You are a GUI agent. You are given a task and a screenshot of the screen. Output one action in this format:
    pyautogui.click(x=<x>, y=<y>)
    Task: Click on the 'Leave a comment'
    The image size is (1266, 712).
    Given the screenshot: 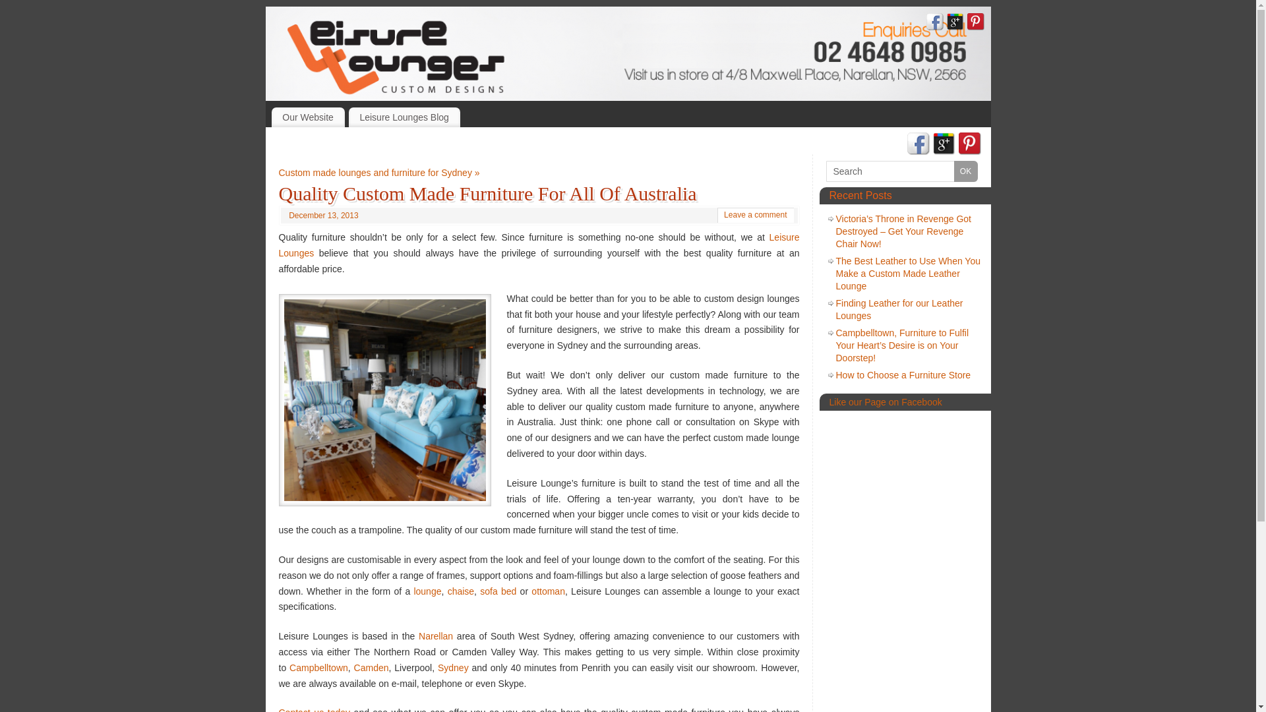 What is the action you would take?
    pyautogui.click(x=755, y=214)
    